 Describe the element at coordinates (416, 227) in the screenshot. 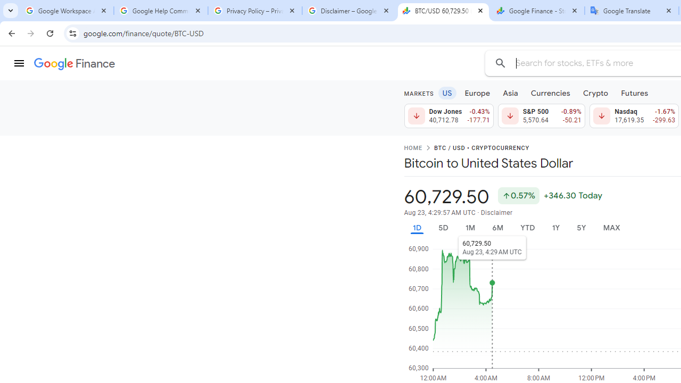

I see `'1D'` at that location.